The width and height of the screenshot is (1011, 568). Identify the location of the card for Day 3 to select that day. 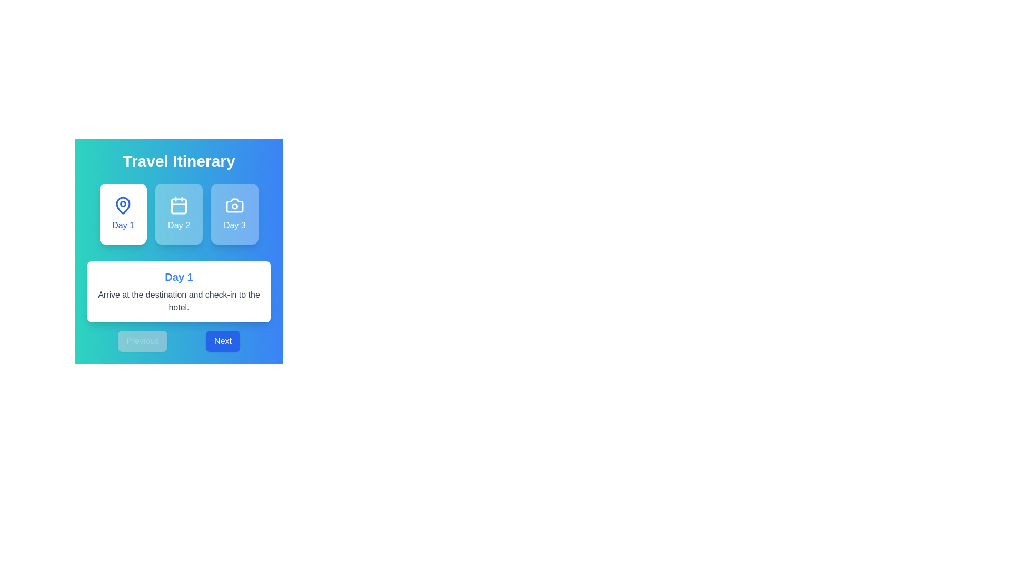
(234, 214).